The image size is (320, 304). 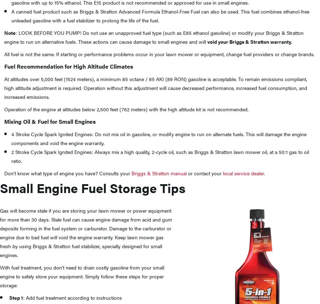 I want to click on 'Fuel Recommendation for High Altitude Climates', so click(x=68, y=66).